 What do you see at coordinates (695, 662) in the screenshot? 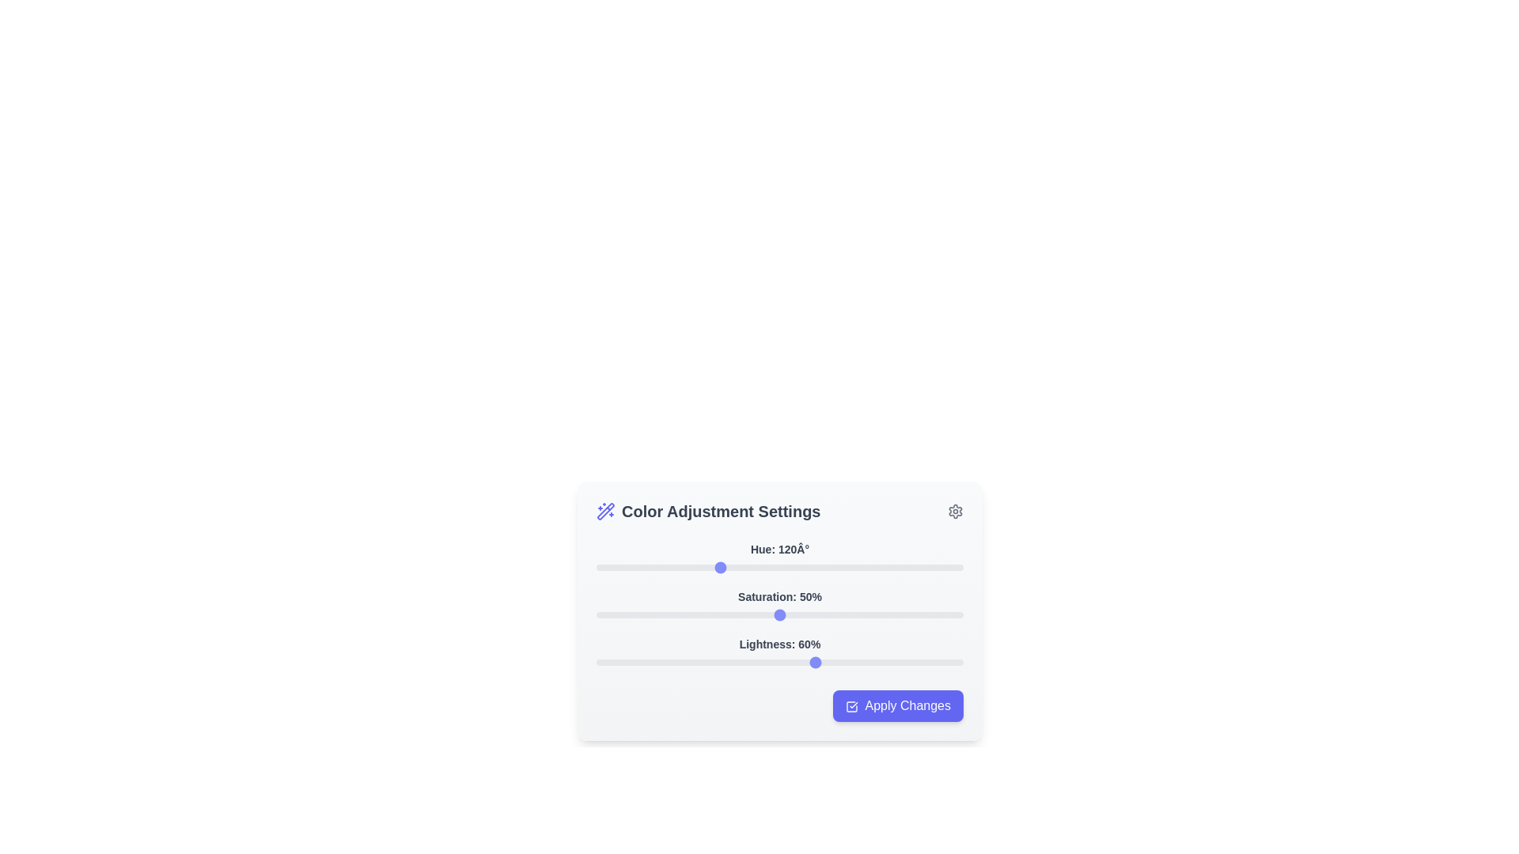
I see `the lightness` at bounding box center [695, 662].